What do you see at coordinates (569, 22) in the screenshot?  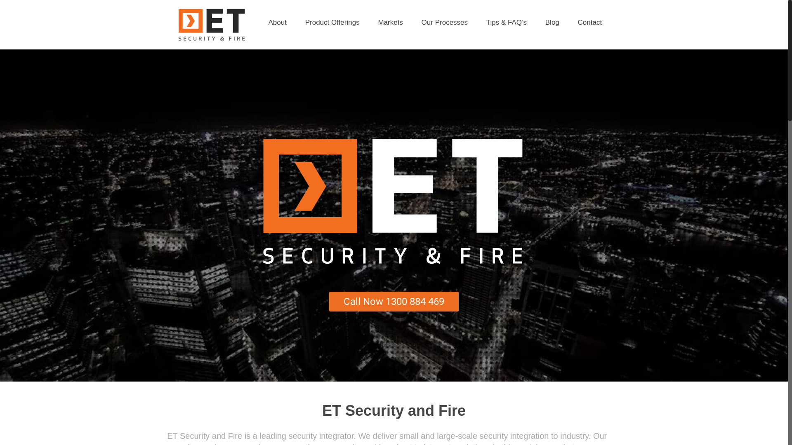 I see `'Contact'` at bounding box center [569, 22].